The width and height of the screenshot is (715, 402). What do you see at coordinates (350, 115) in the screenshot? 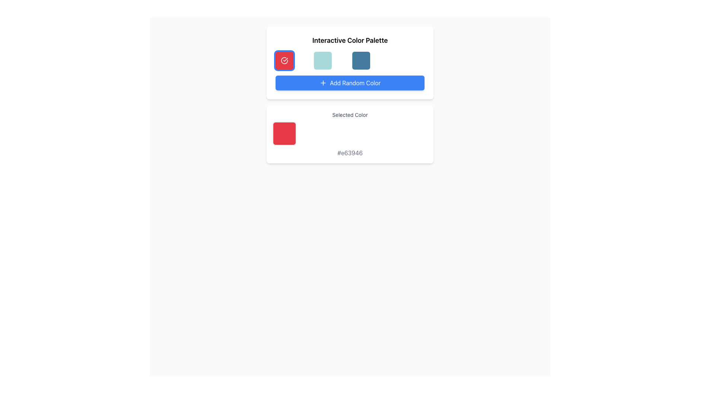
I see `the descriptive label indicating the purpose of the associated color display above the color preview box` at bounding box center [350, 115].